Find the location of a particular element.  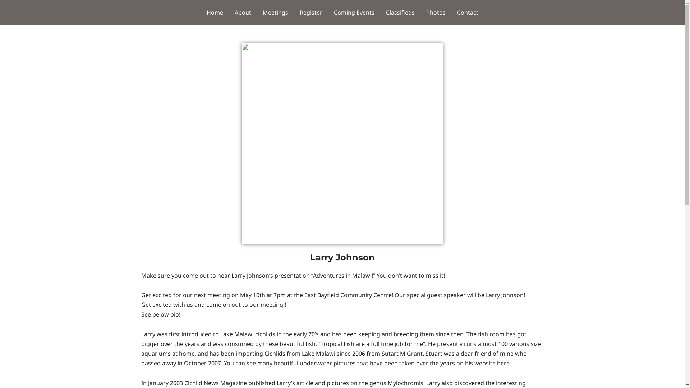

'Meetings' is located at coordinates (275, 12).